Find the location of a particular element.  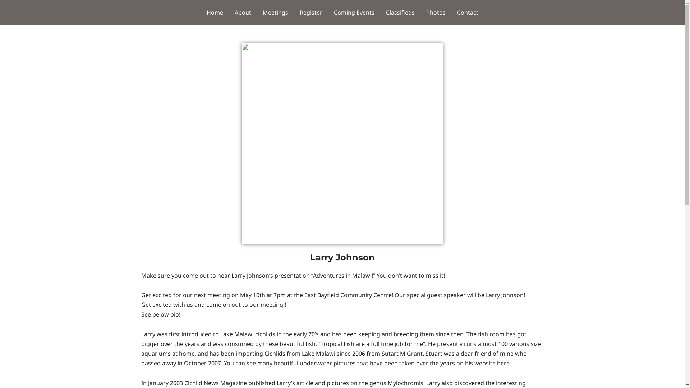

'Meetings' is located at coordinates (275, 12).